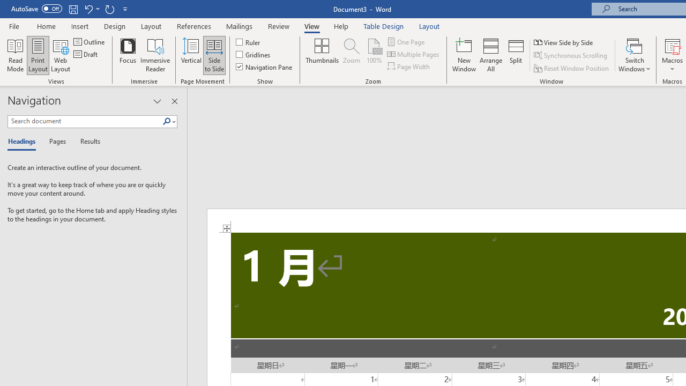  What do you see at coordinates (128, 55) in the screenshot?
I see `'Focus'` at bounding box center [128, 55].